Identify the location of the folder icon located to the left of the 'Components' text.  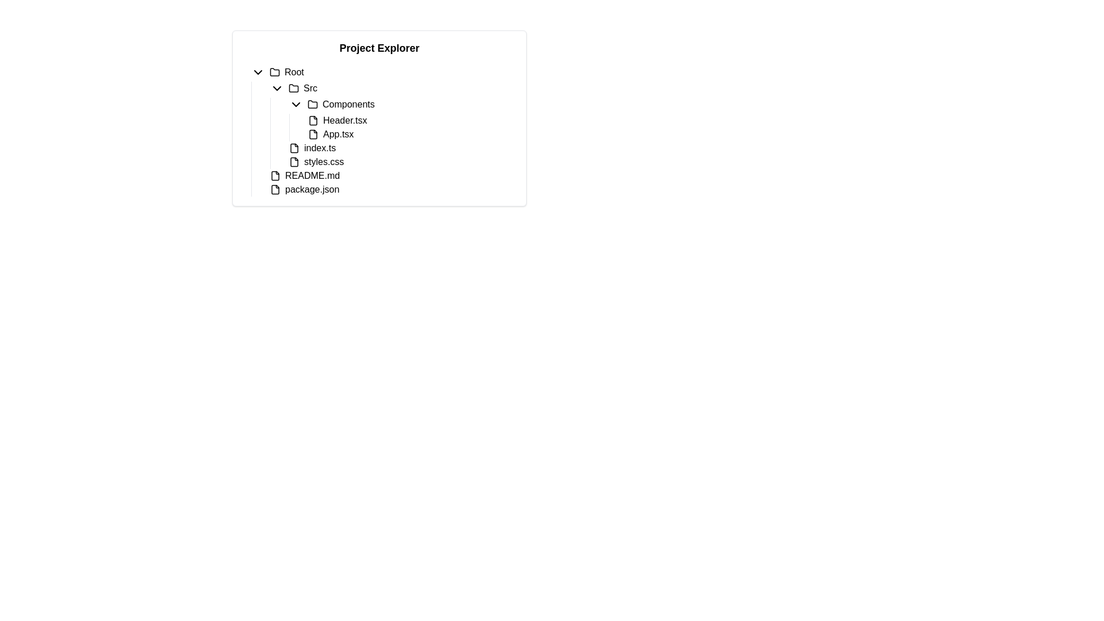
(312, 104).